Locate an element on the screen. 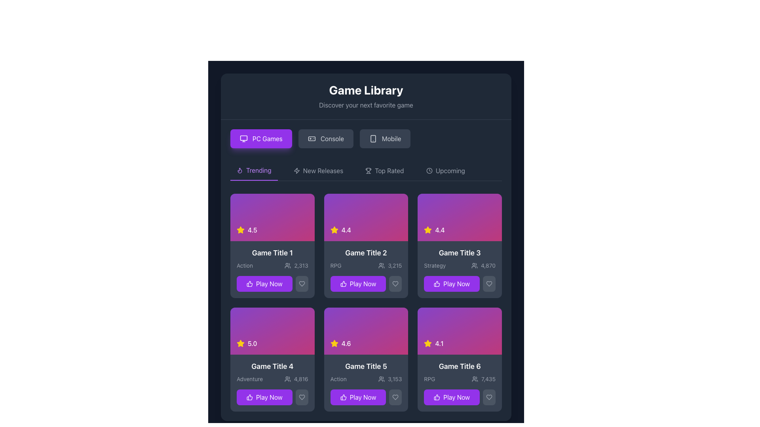  the Rating indicator of the game displayed in the 'Game Title 2' card is located at coordinates (340, 230).